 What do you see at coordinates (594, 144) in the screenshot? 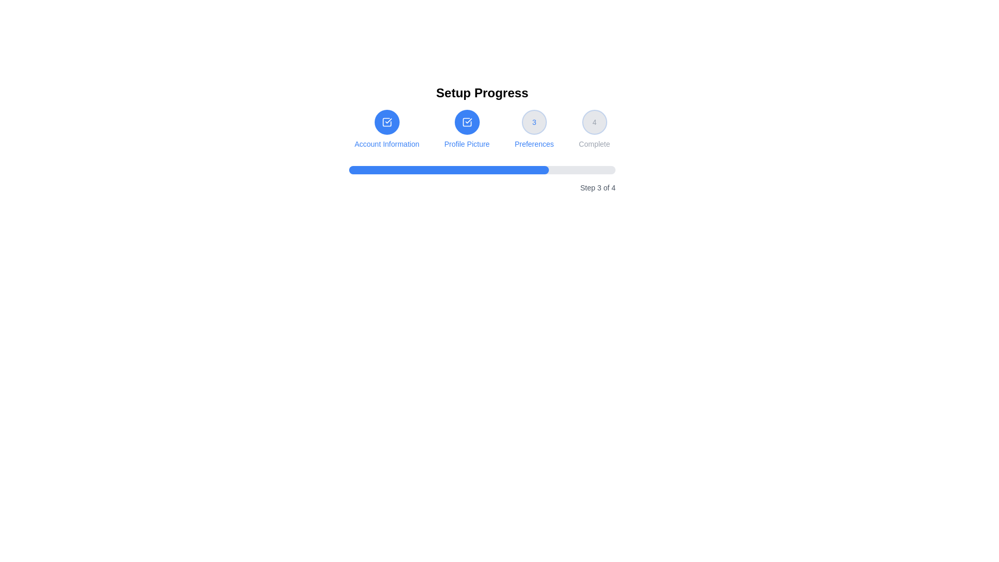
I see `the text label displaying 'Complete' which is located below the circular icon with the number '4' in the progress tracker` at bounding box center [594, 144].